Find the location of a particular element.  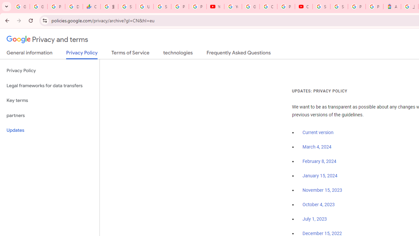

'Legal frameworks for data transfers' is located at coordinates (49, 85).